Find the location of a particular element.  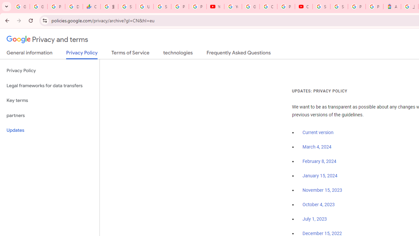

'Legal frameworks for data transfers' is located at coordinates (49, 85).